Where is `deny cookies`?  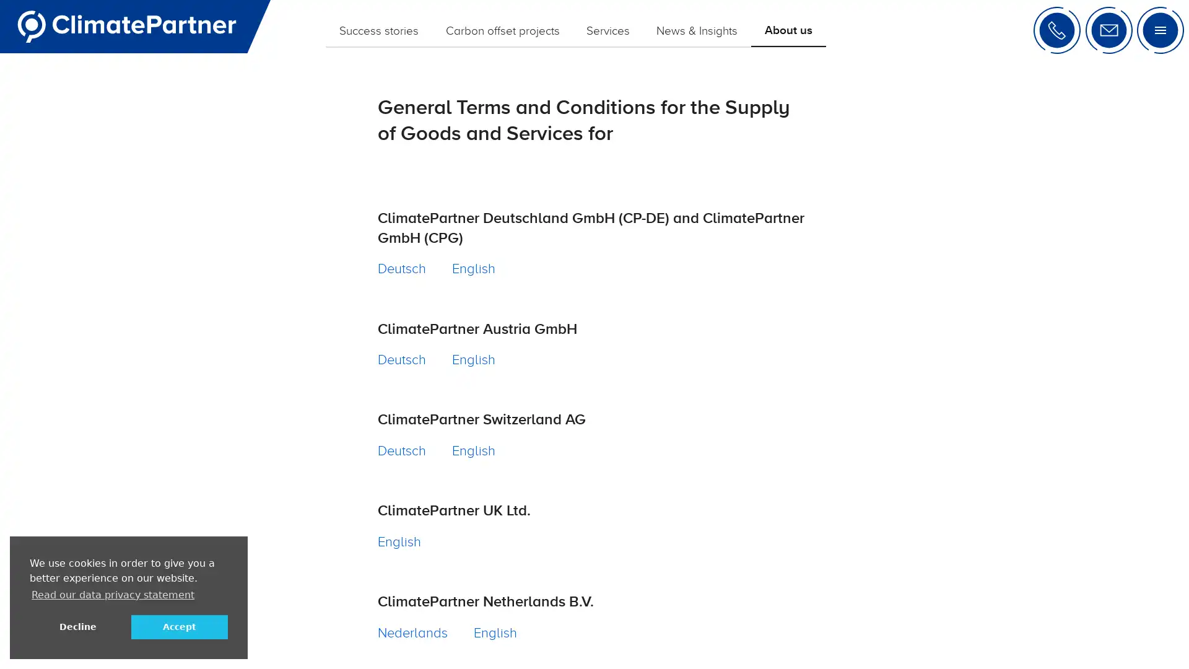
deny cookies is located at coordinates (77, 626).